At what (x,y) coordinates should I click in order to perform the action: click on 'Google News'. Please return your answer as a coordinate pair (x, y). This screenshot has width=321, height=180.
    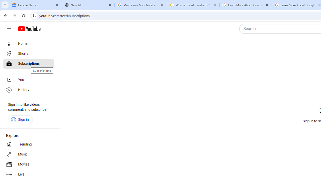
    Looking at the image, I should click on (35, 5).